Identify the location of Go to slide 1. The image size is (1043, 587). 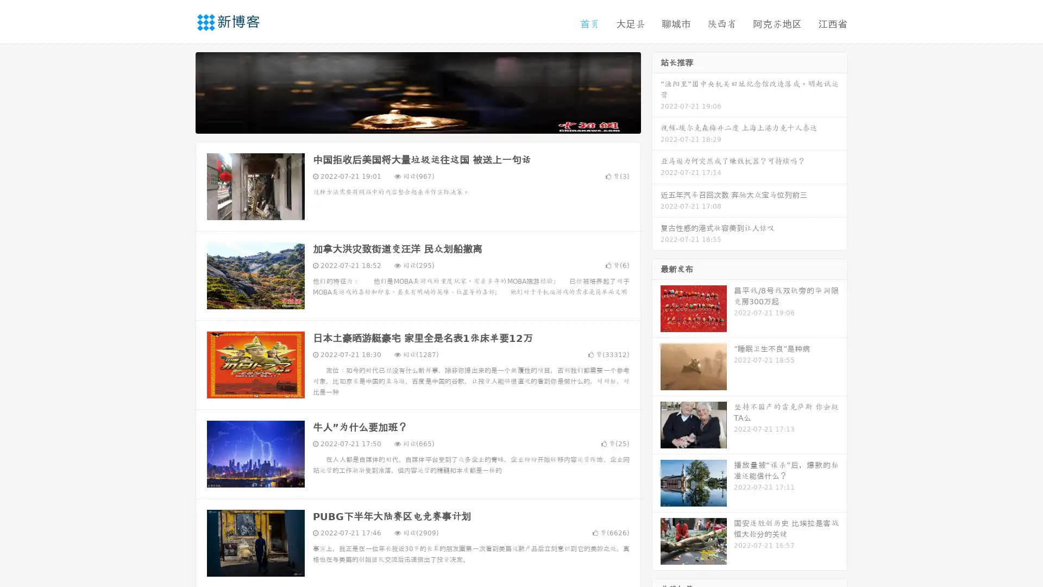
(406, 122).